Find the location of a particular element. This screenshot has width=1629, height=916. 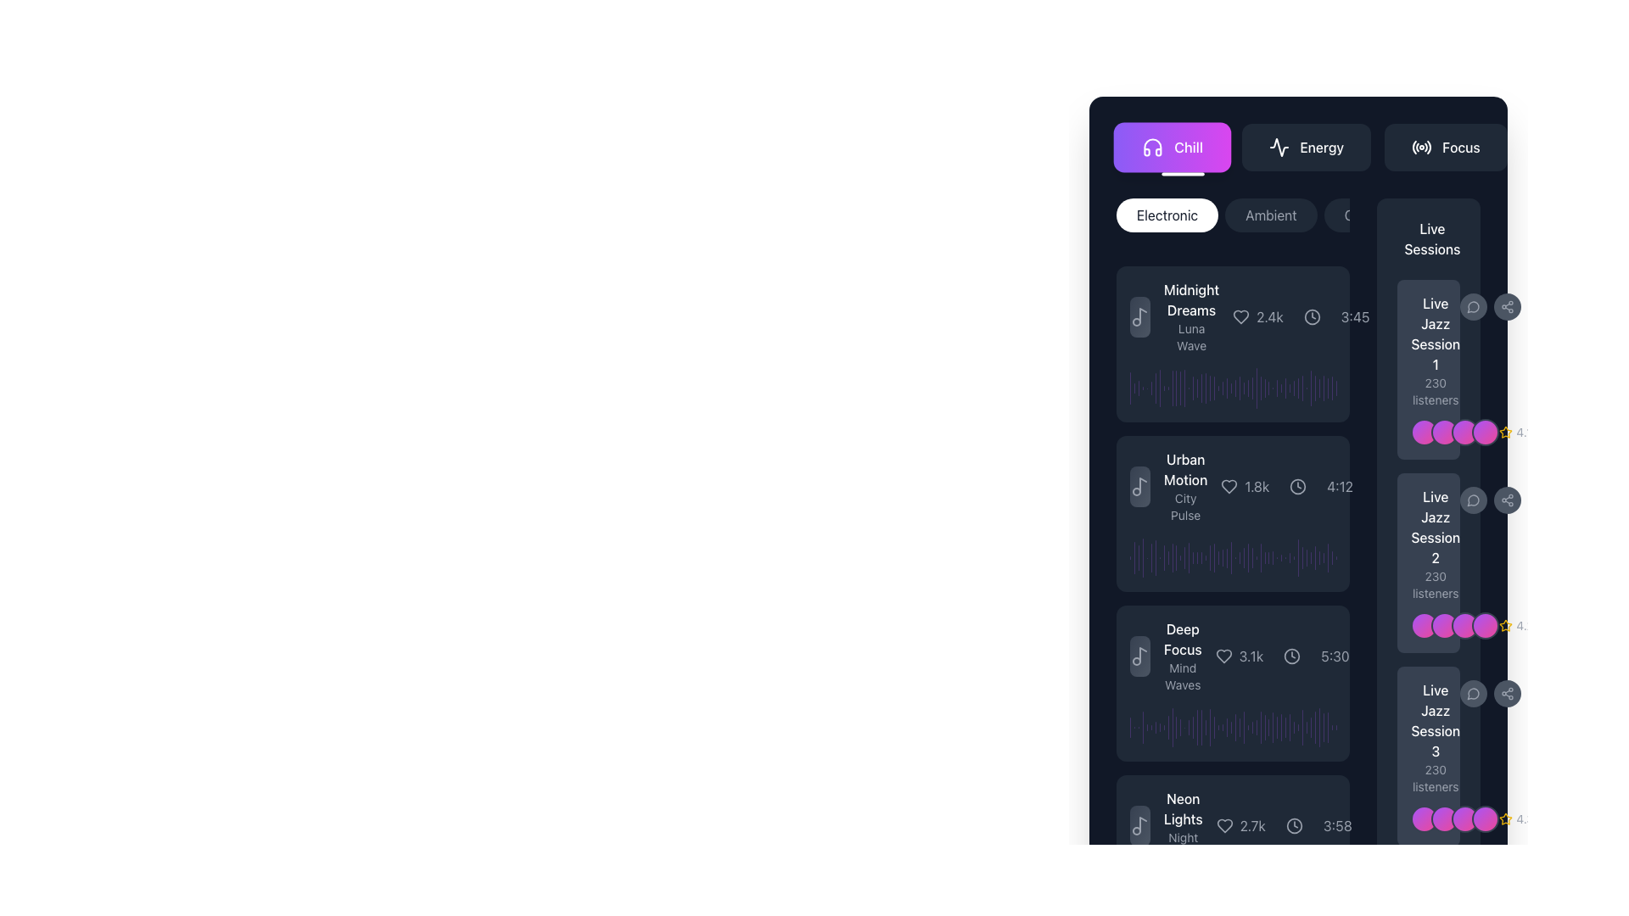

the 'like' or 'favorite' icon with the numerical count of likes located in the lower section of the 'Neon Lights' content card is located at coordinates (1240, 825).